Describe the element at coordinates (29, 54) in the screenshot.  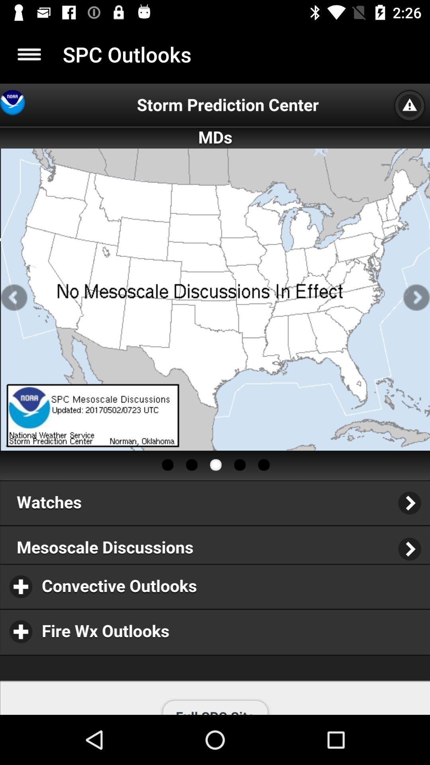
I see `item next to spc outlooks` at that location.